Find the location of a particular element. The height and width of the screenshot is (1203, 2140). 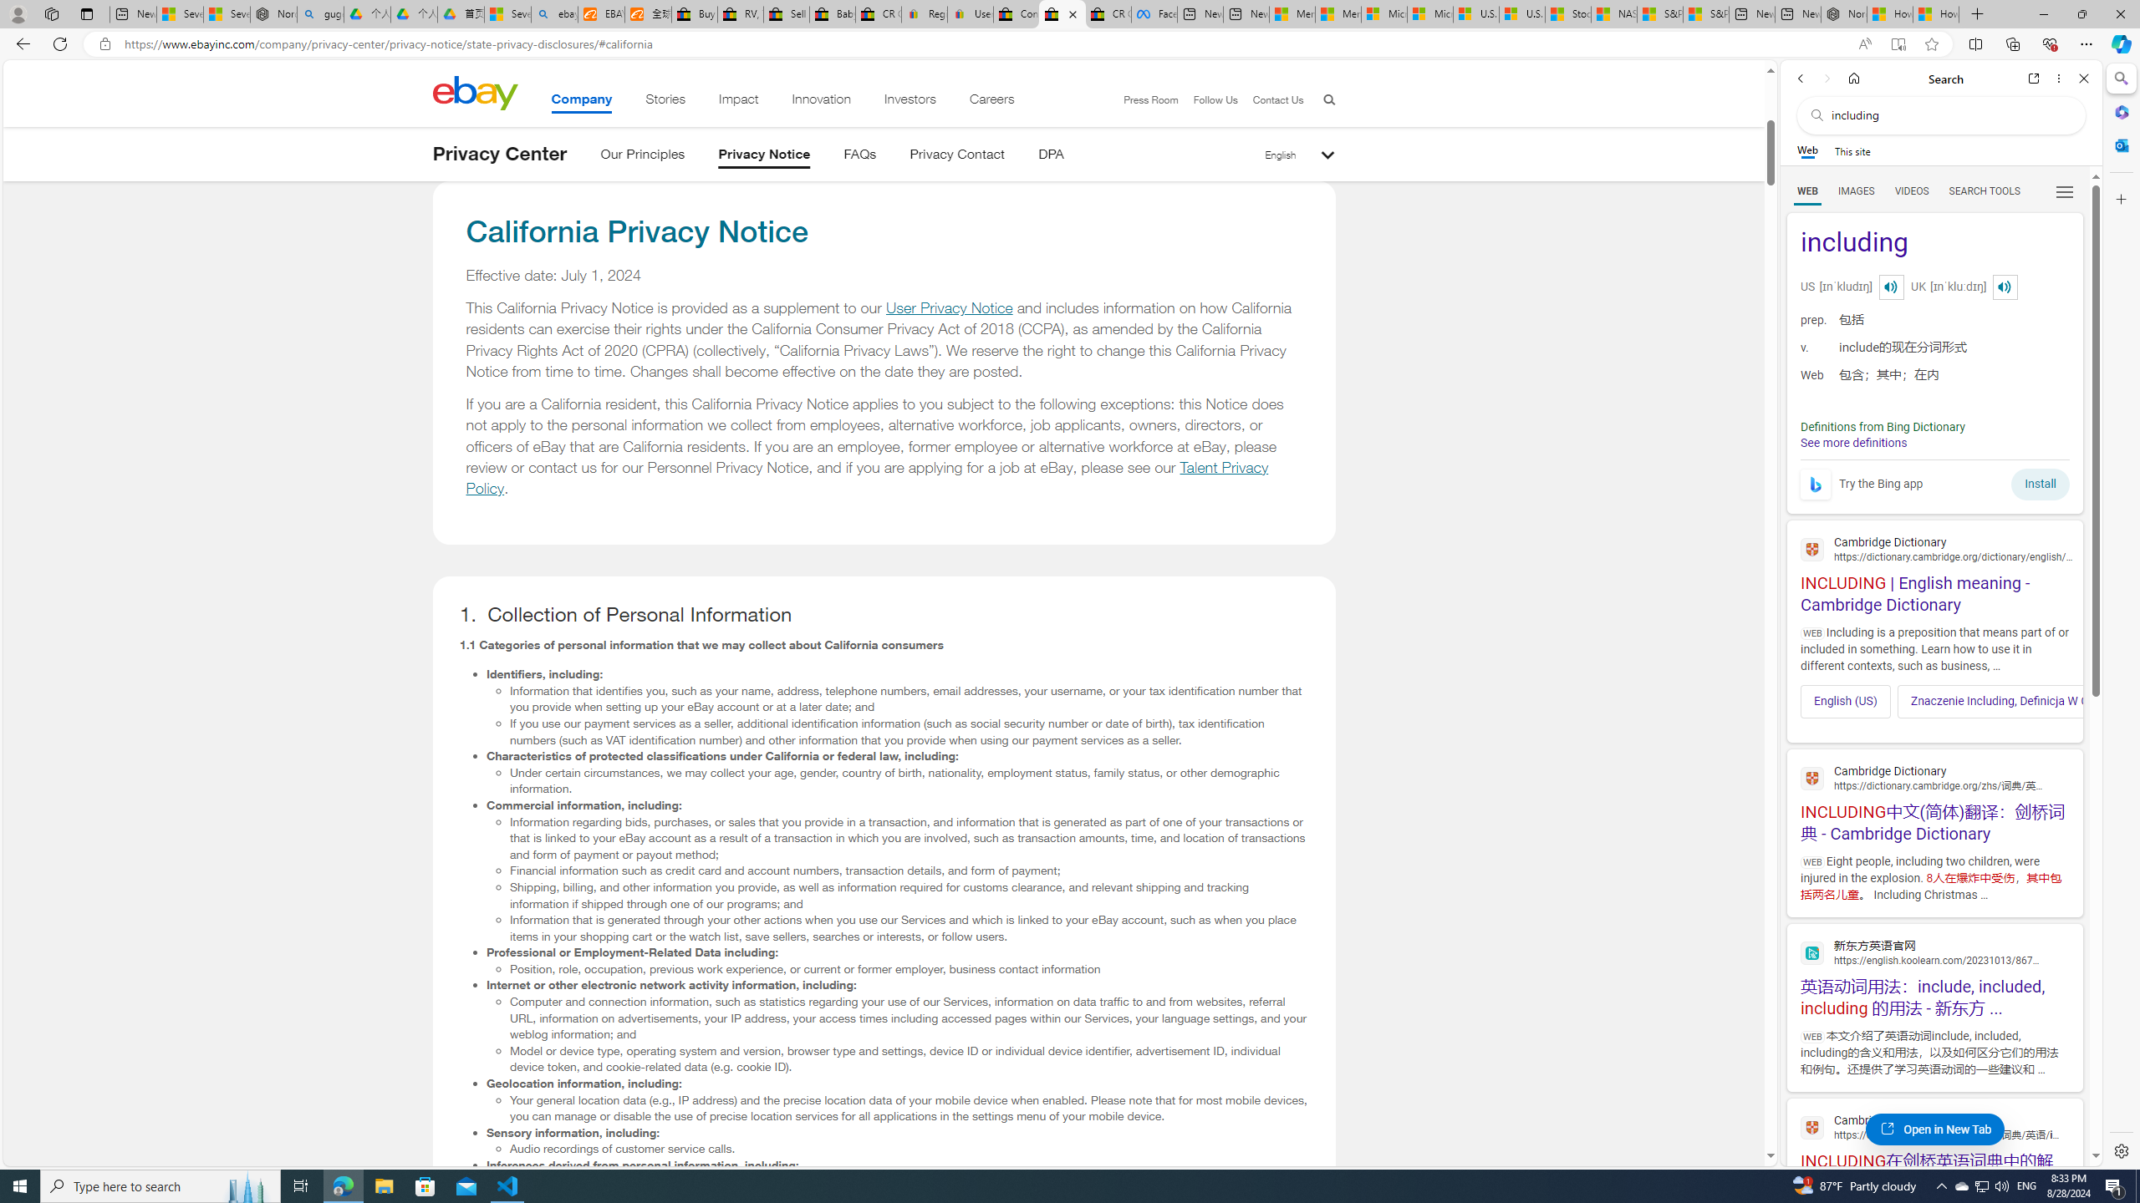

'Preferences' is located at coordinates (2064, 190).